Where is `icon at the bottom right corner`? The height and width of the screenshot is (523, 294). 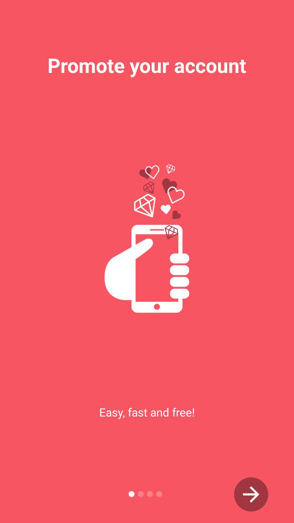
icon at the bottom right corner is located at coordinates (251, 494).